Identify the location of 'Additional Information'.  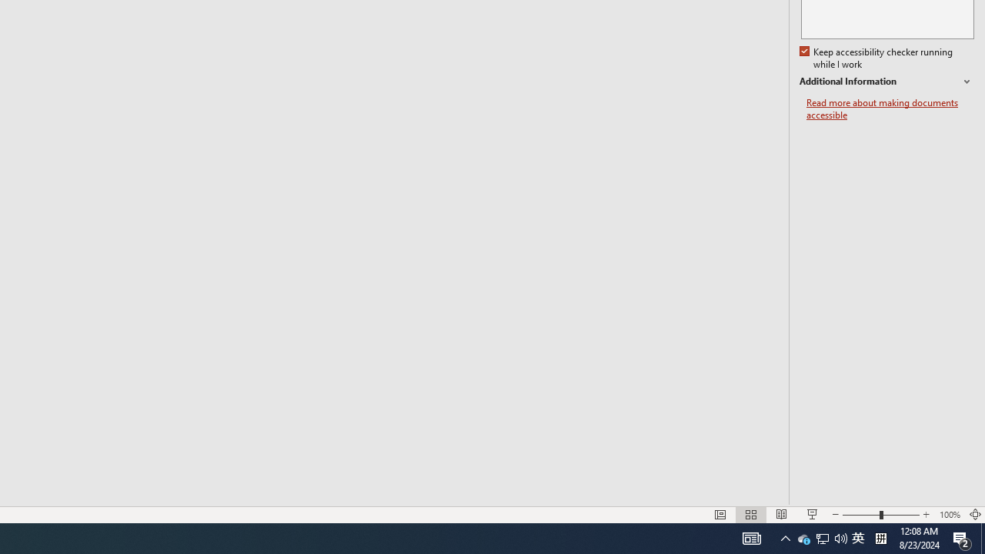
(886, 82).